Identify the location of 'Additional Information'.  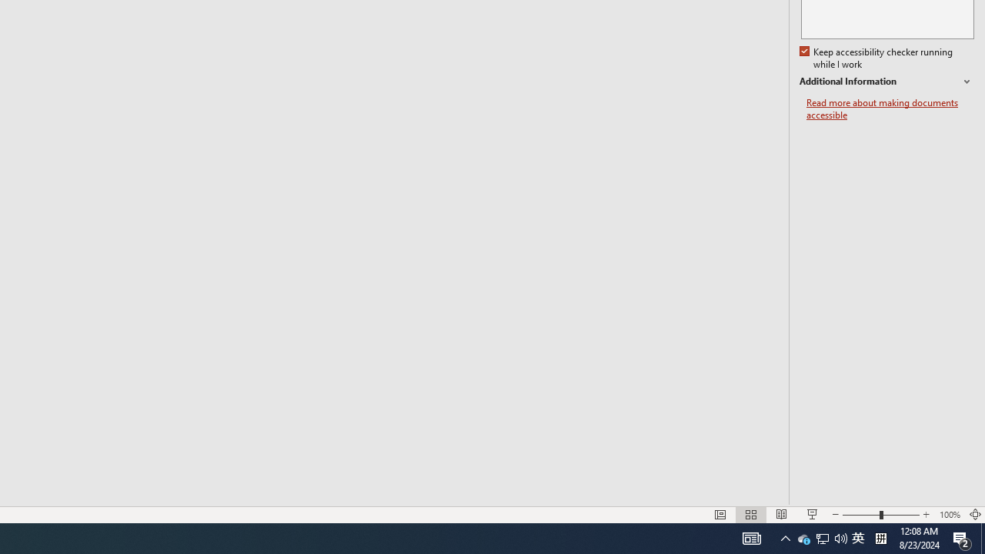
(886, 82).